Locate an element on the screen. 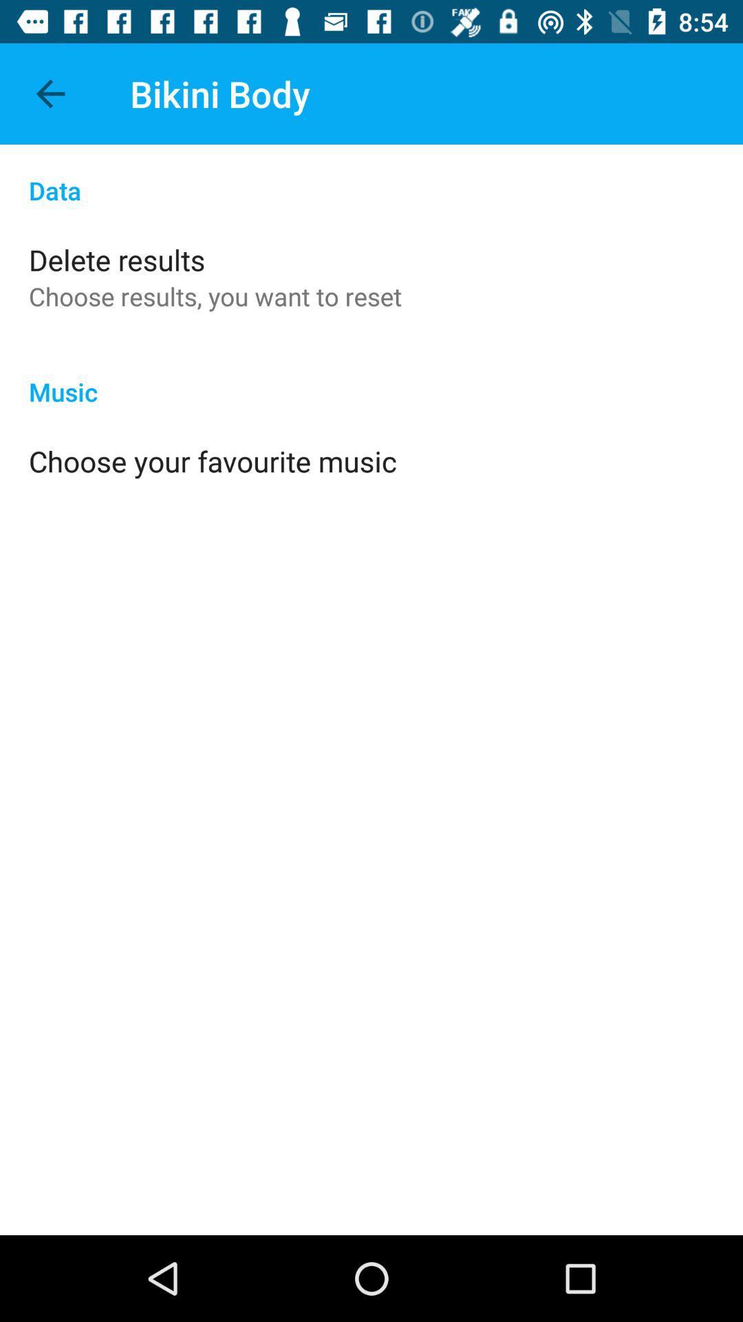 This screenshot has height=1322, width=743. icon on the left is located at coordinates (213, 461).